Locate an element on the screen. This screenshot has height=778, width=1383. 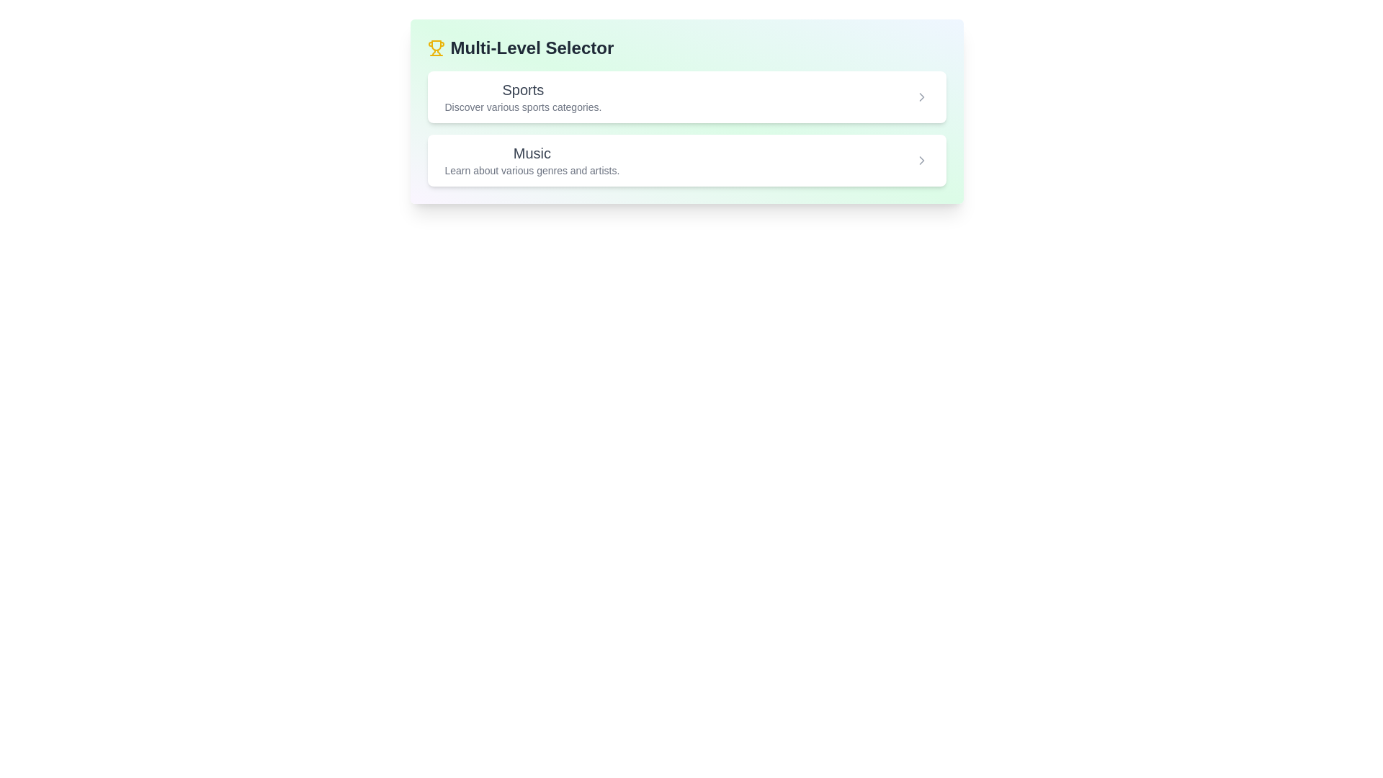
the navigation icon located to the right of the text 'Discover various sports categories.' within the 'Sports' section is located at coordinates (921, 97).